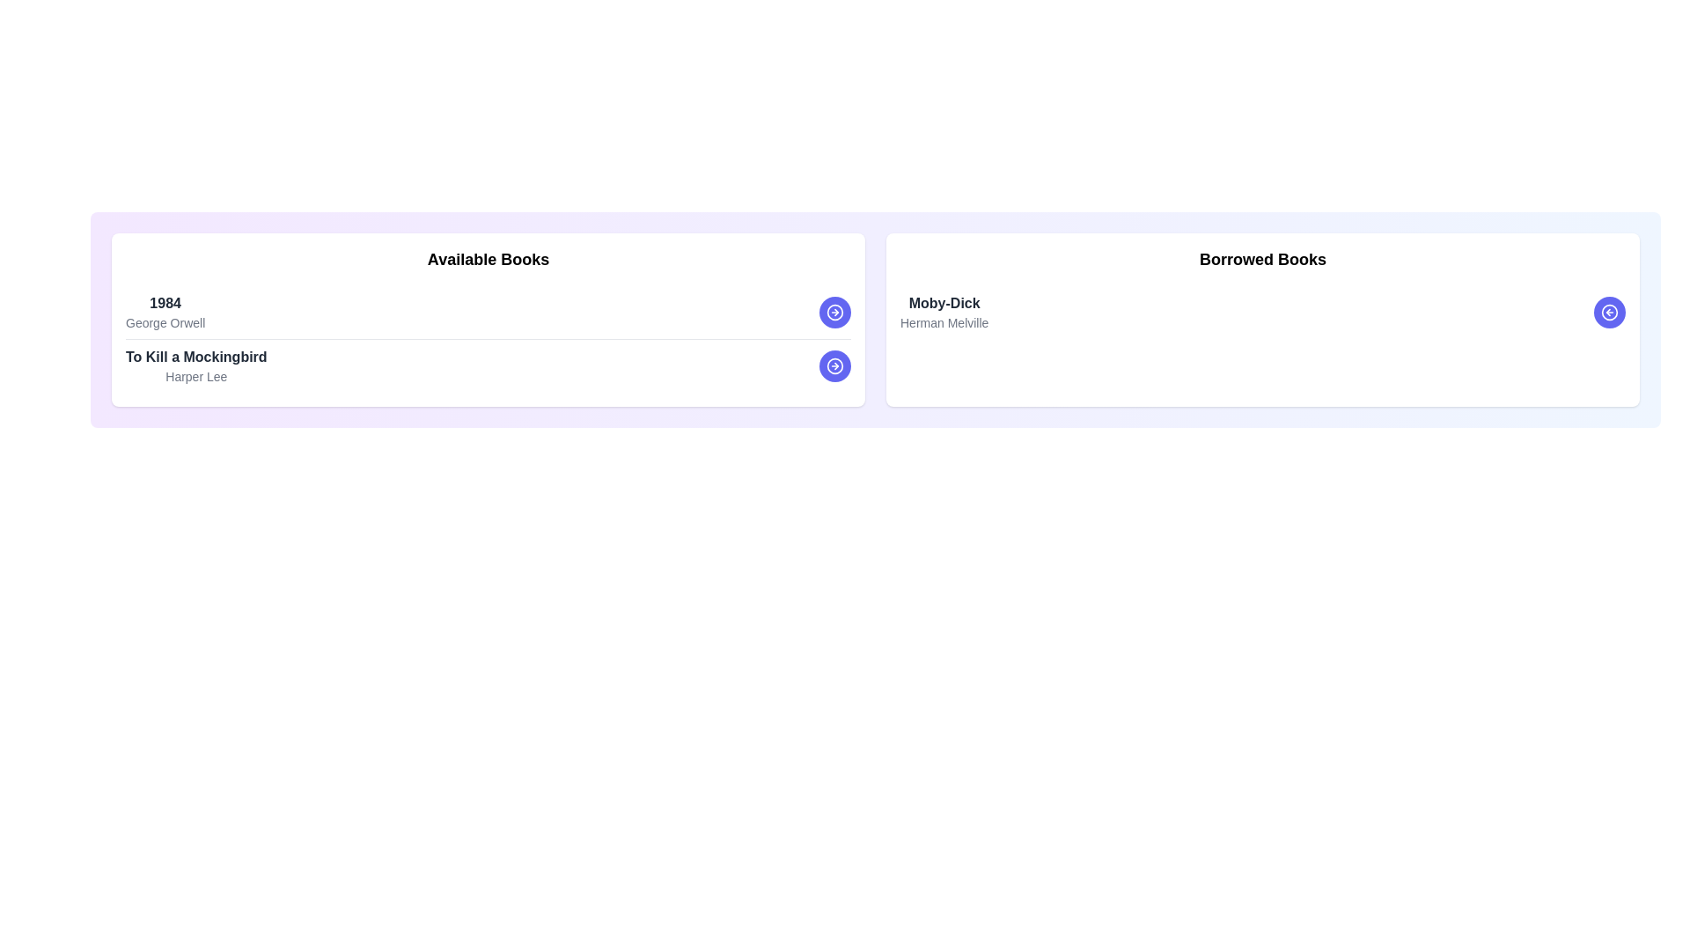  What do you see at coordinates (834, 311) in the screenshot?
I see `'Transfer Book' button for the book titled 1984` at bounding box center [834, 311].